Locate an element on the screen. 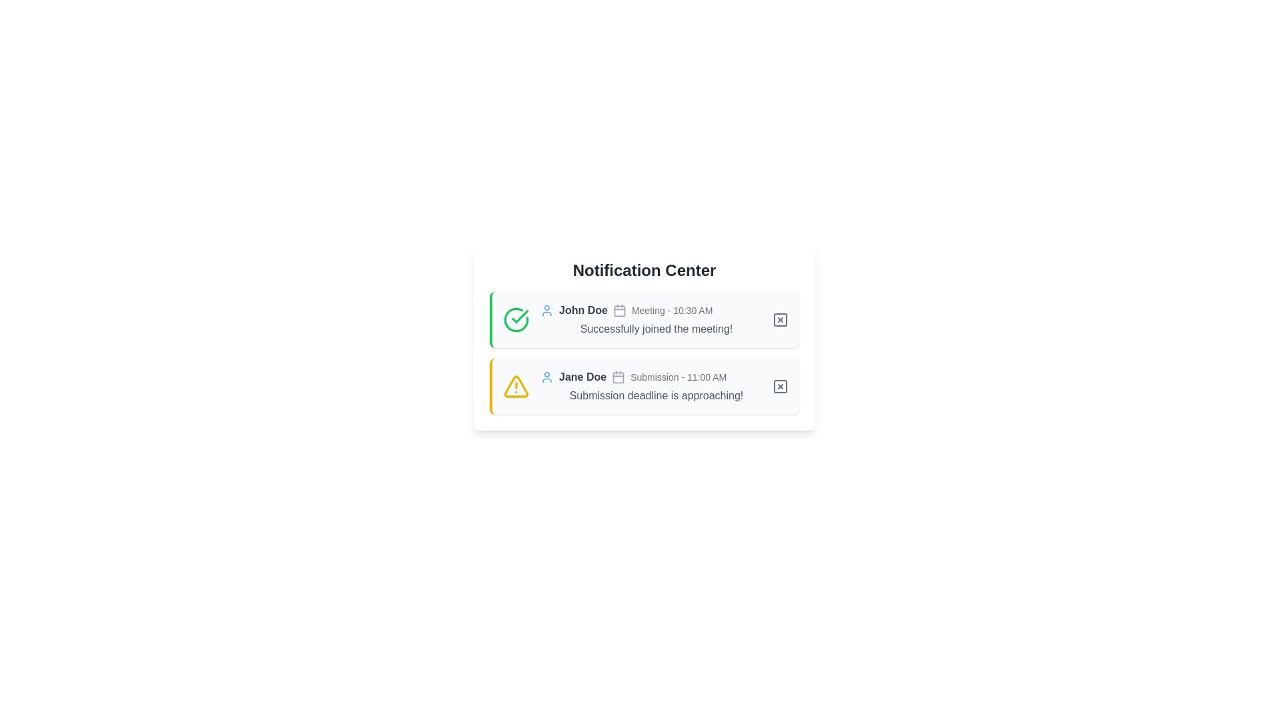 This screenshot has height=720, width=1281. the prominently styled text label 'Notification Center' located at the top-center of the notification panel is located at coordinates (644, 270).